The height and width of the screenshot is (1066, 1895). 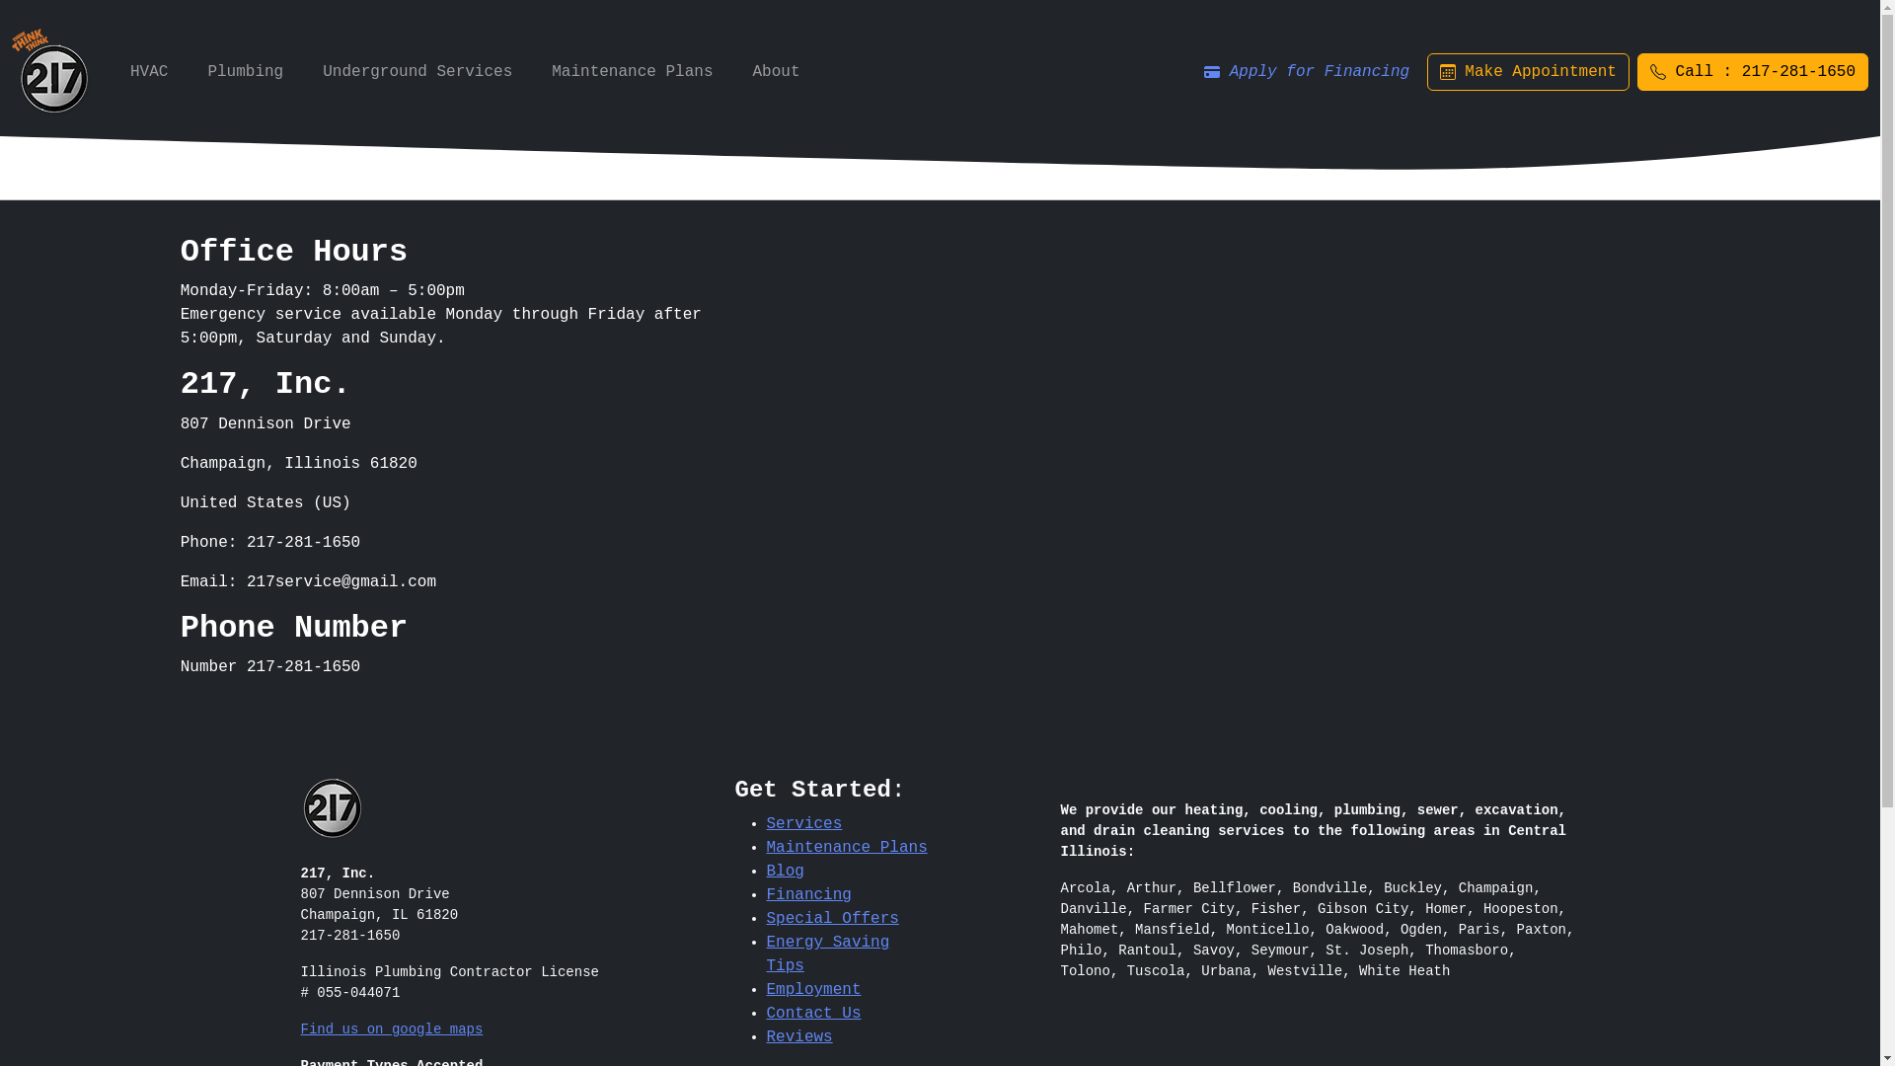 I want to click on 'Maintenance Plans', so click(x=765, y=847).